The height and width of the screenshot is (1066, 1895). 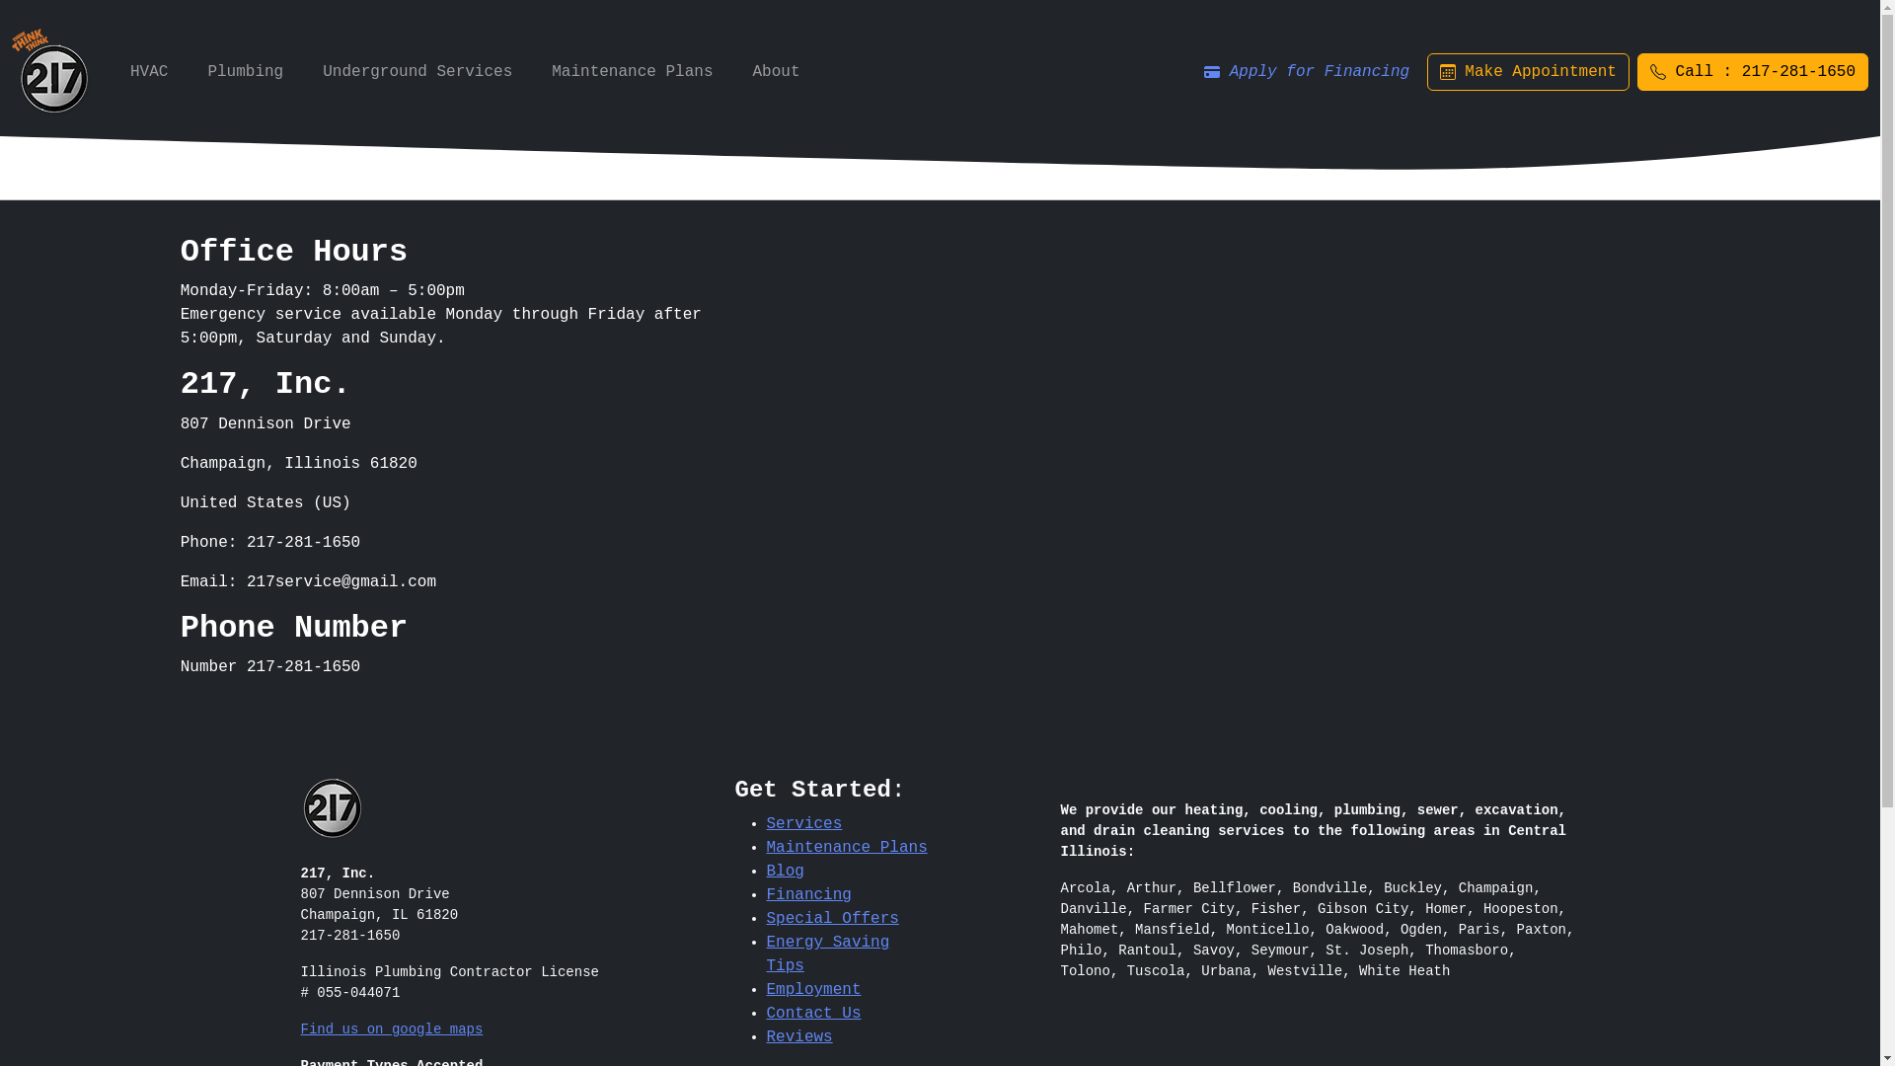 I want to click on 'Maintenance Plans', so click(x=765, y=847).